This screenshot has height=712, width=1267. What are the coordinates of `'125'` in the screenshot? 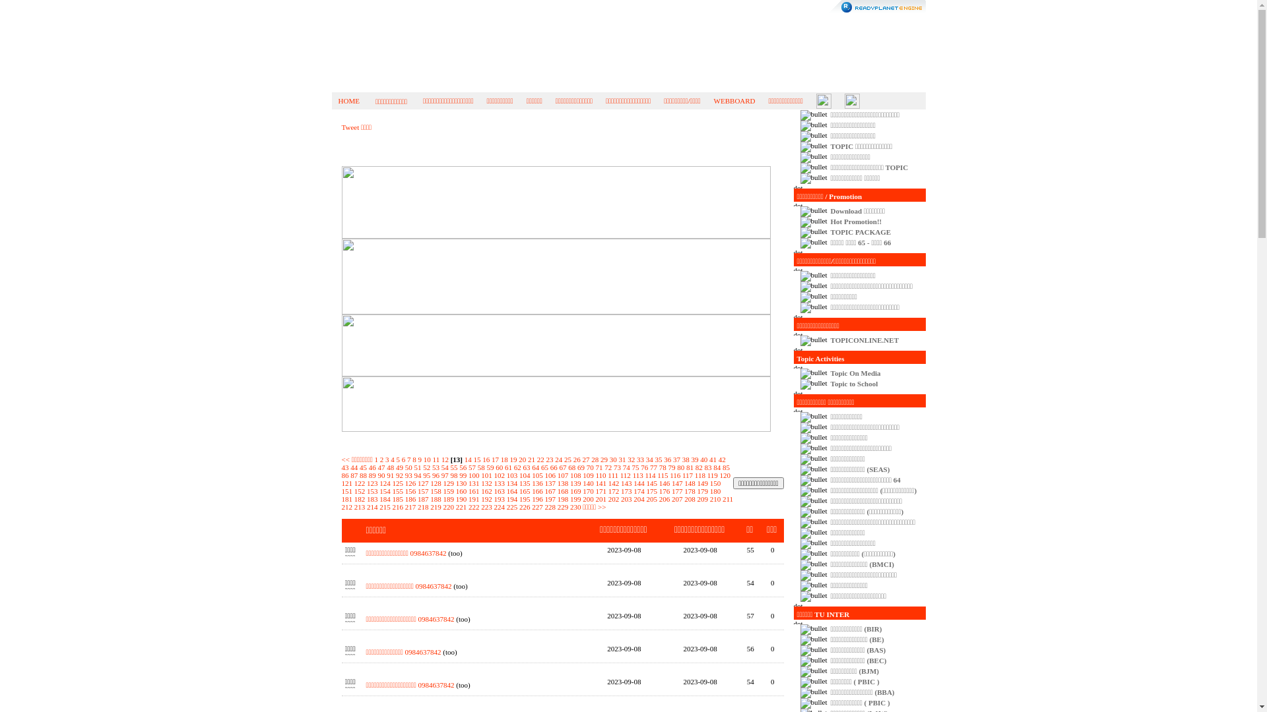 It's located at (391, 483).